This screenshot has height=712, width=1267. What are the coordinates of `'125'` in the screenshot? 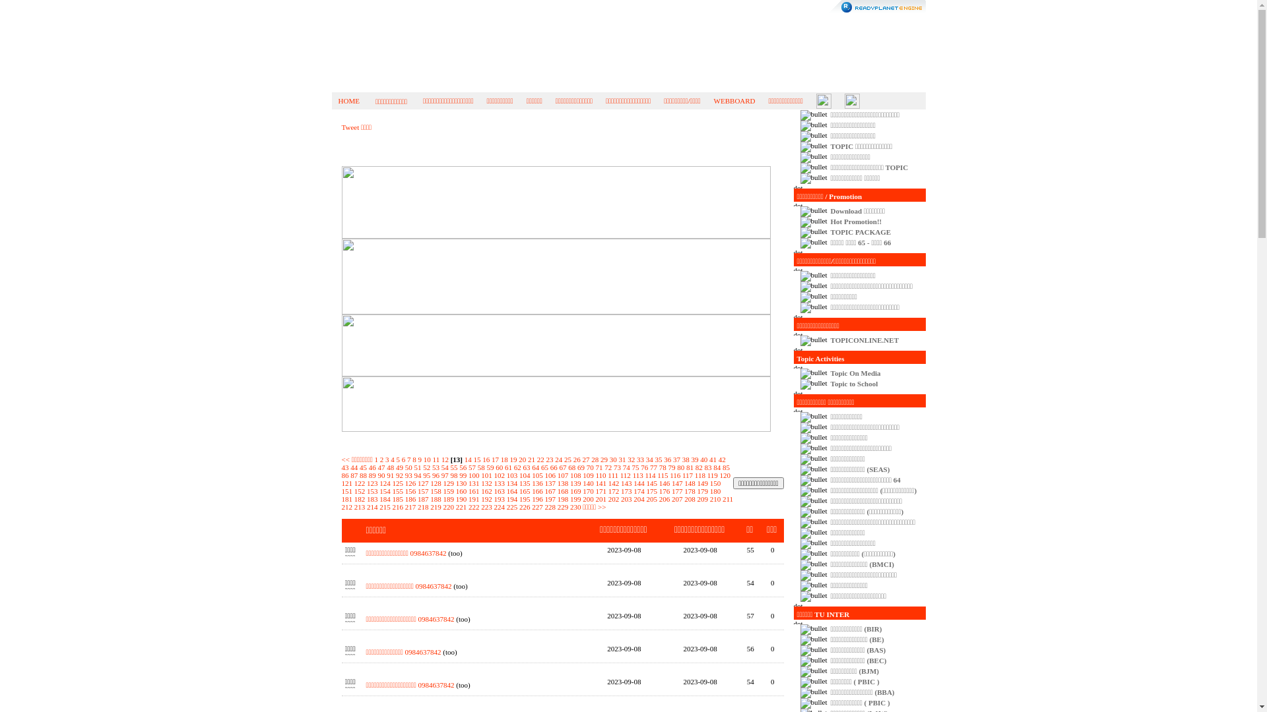 It's located at (391, 483).